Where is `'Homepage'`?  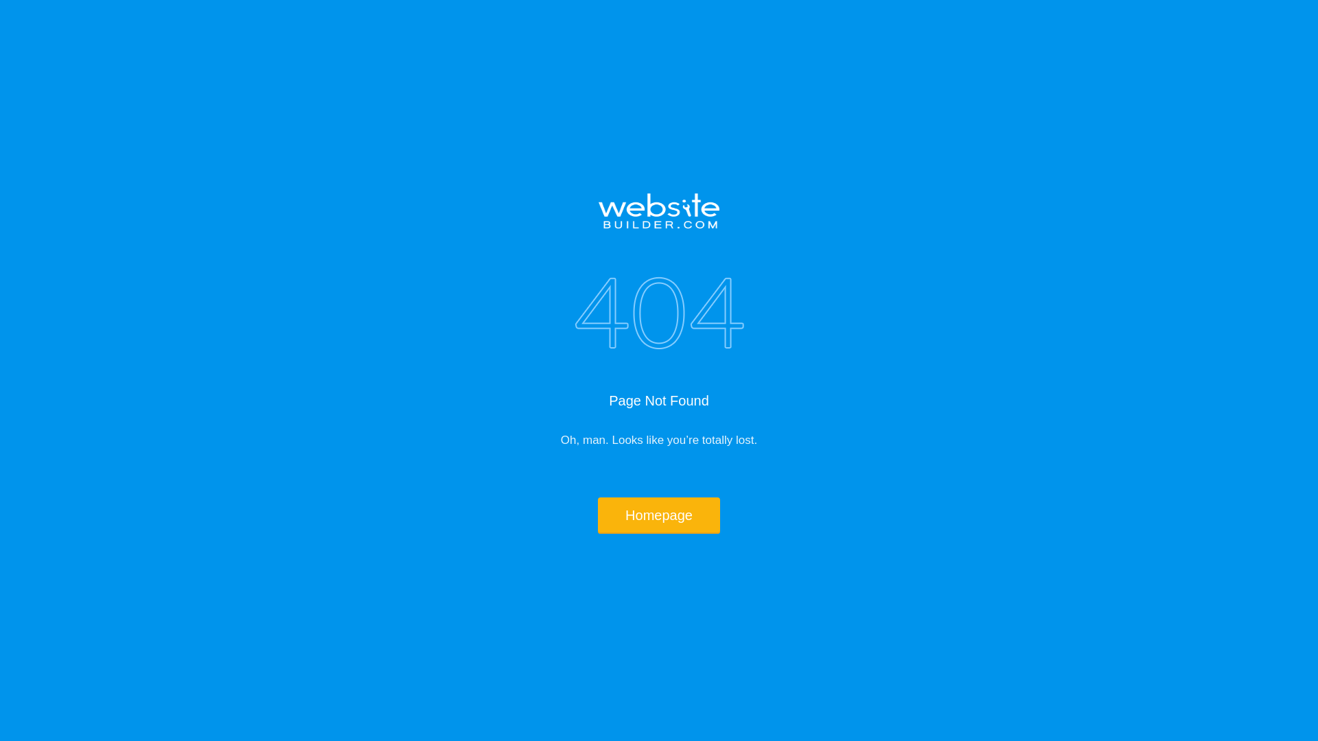 'Homepage' is located at coordinates (659, 515).